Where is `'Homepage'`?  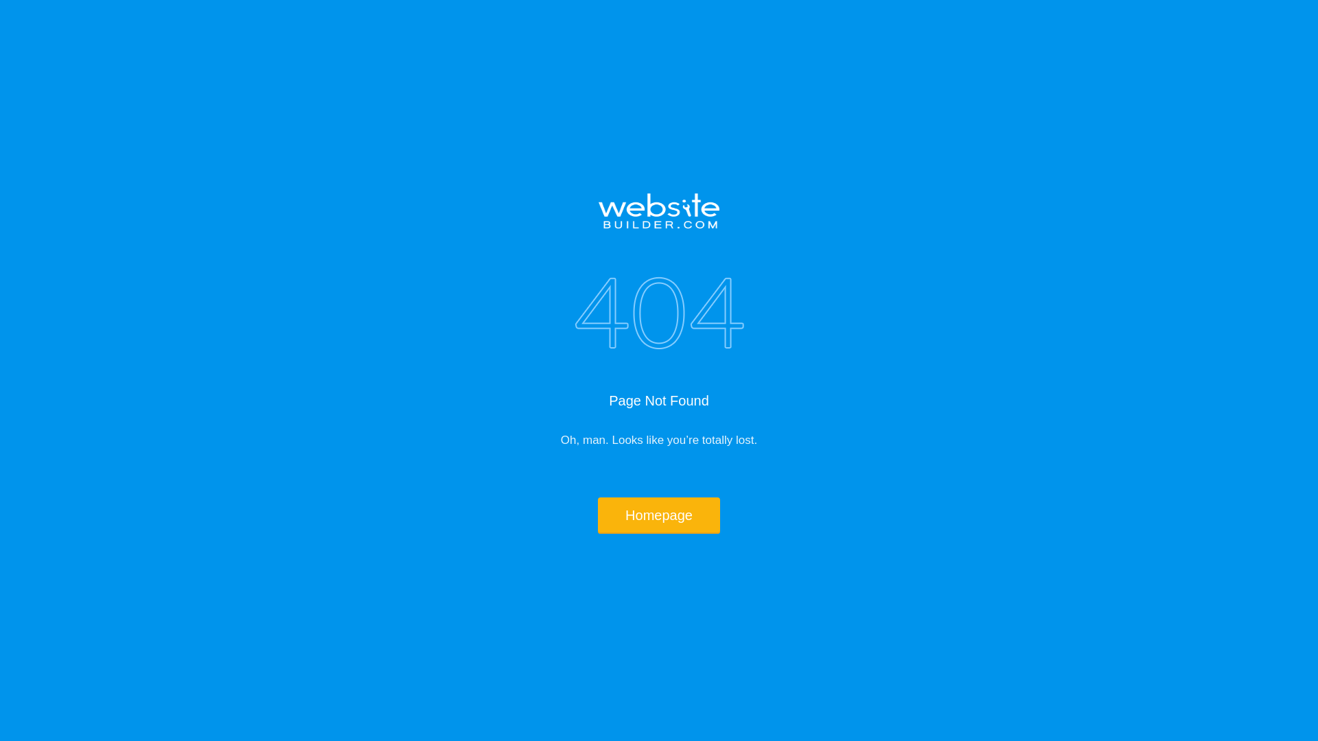 'Homepage' is located at coordinates (659, 515).